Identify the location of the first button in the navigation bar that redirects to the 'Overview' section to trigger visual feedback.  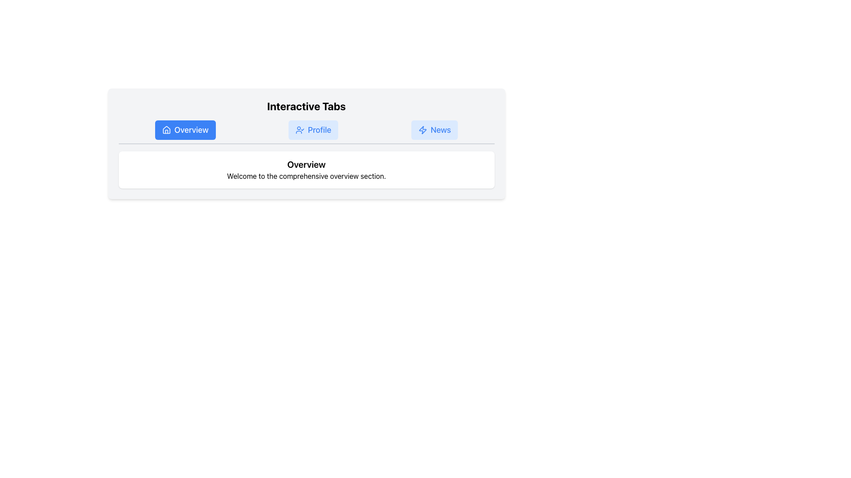
(184, 130).